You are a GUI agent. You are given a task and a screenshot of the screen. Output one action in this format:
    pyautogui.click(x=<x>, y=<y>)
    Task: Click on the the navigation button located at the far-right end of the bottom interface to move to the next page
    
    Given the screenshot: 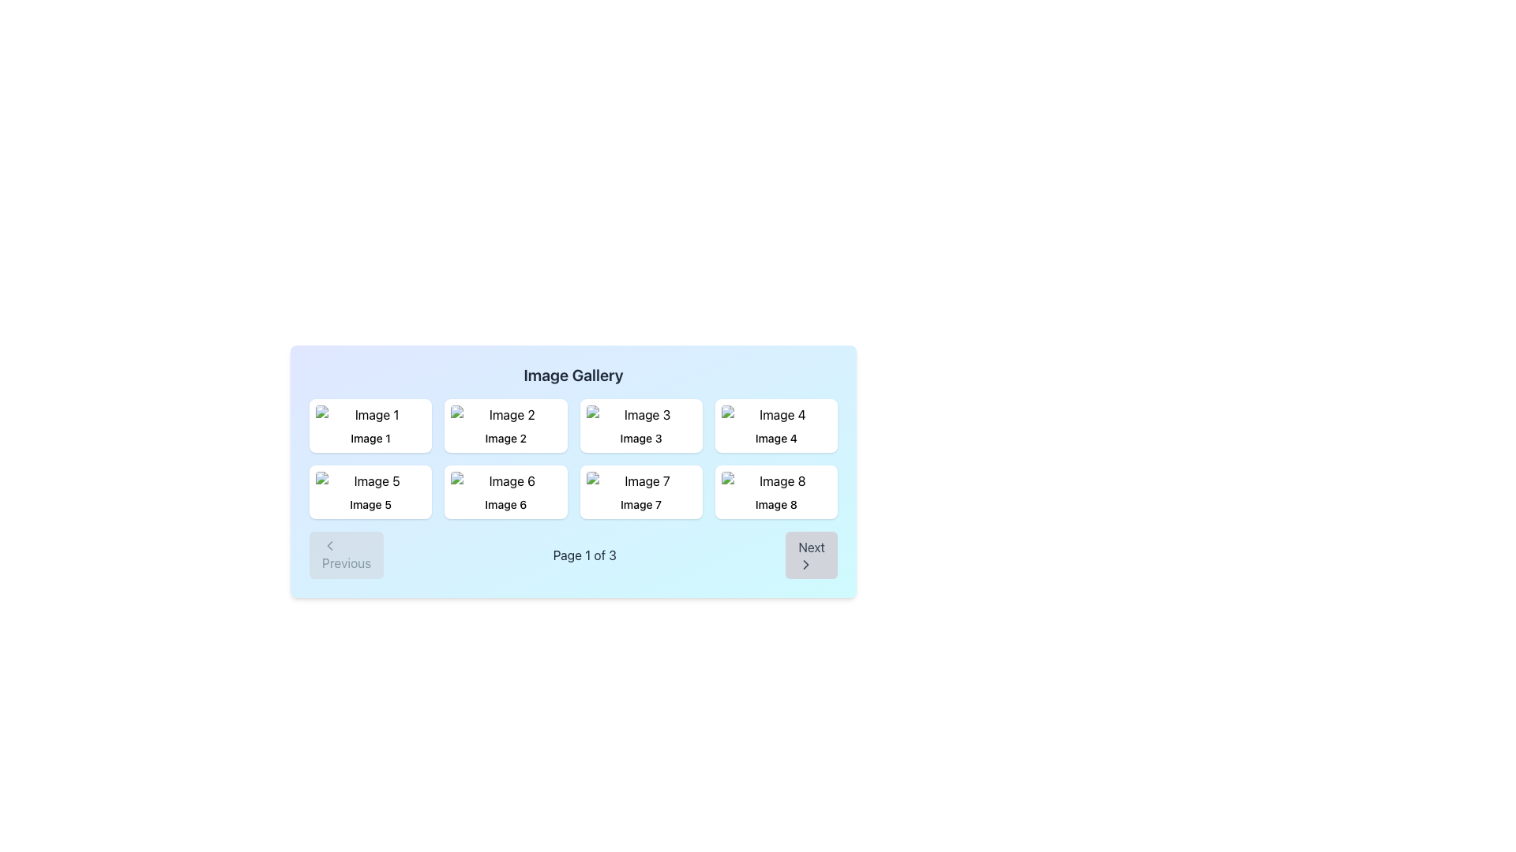 What is the action you would take?
    pyautogui.click(x=811, y=555)
    